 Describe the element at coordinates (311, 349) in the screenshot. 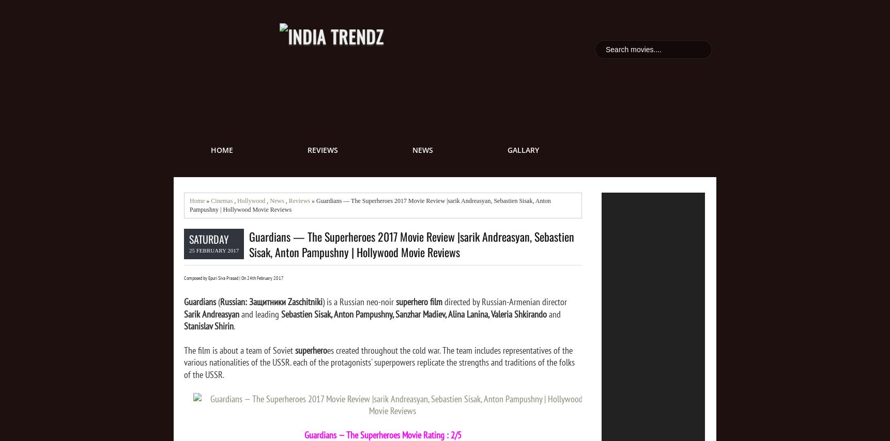

I see `'superhero'` at that location.